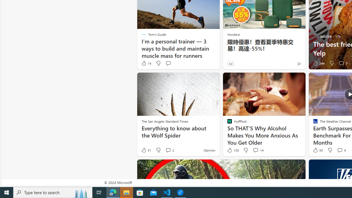  What do you see at coordinates (330, 150) in the screenshot?
I see `'Dislike'` at bounding box center [330, 150].